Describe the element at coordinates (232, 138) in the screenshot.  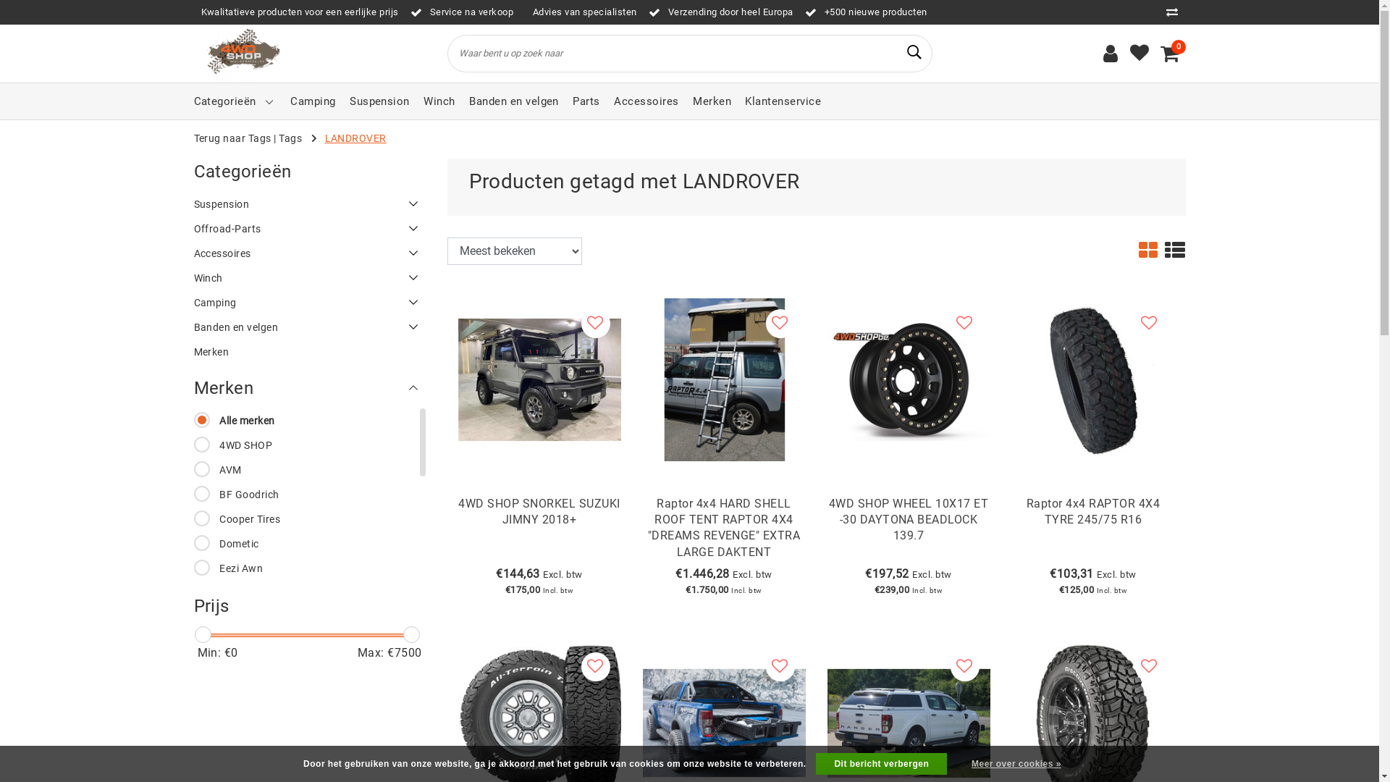
I see `'Terug naar Tags'` at that location.